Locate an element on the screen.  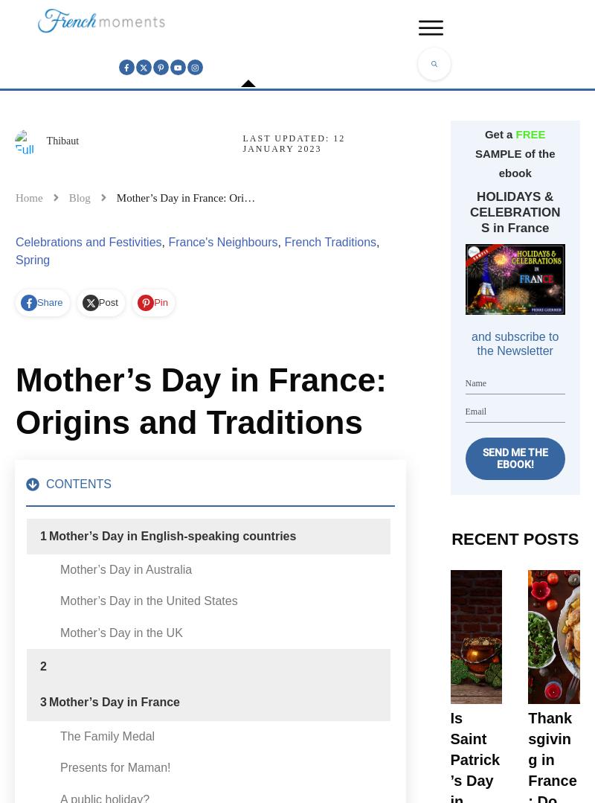
'Last Updated:' is located at coordinates (242, 138).